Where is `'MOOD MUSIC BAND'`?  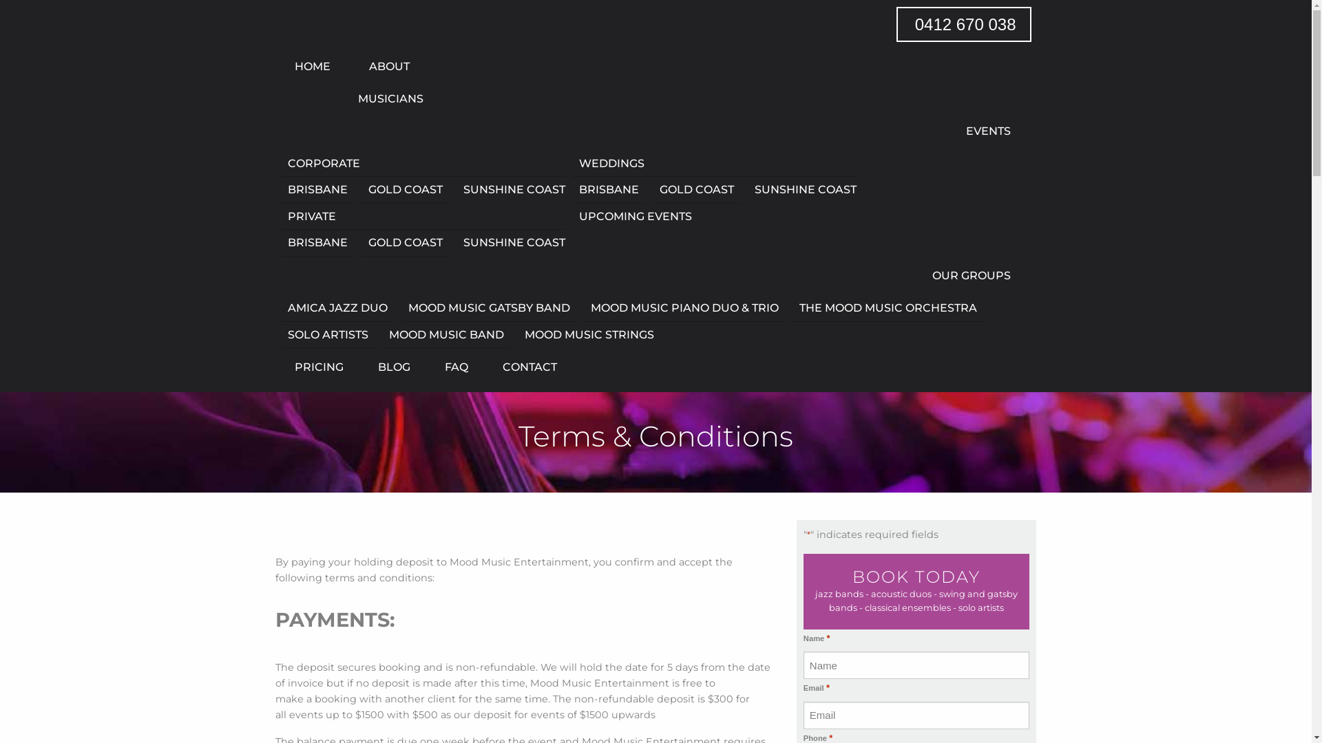
'MOOD MUSIC BAND' is located at coordinates (446, 335).